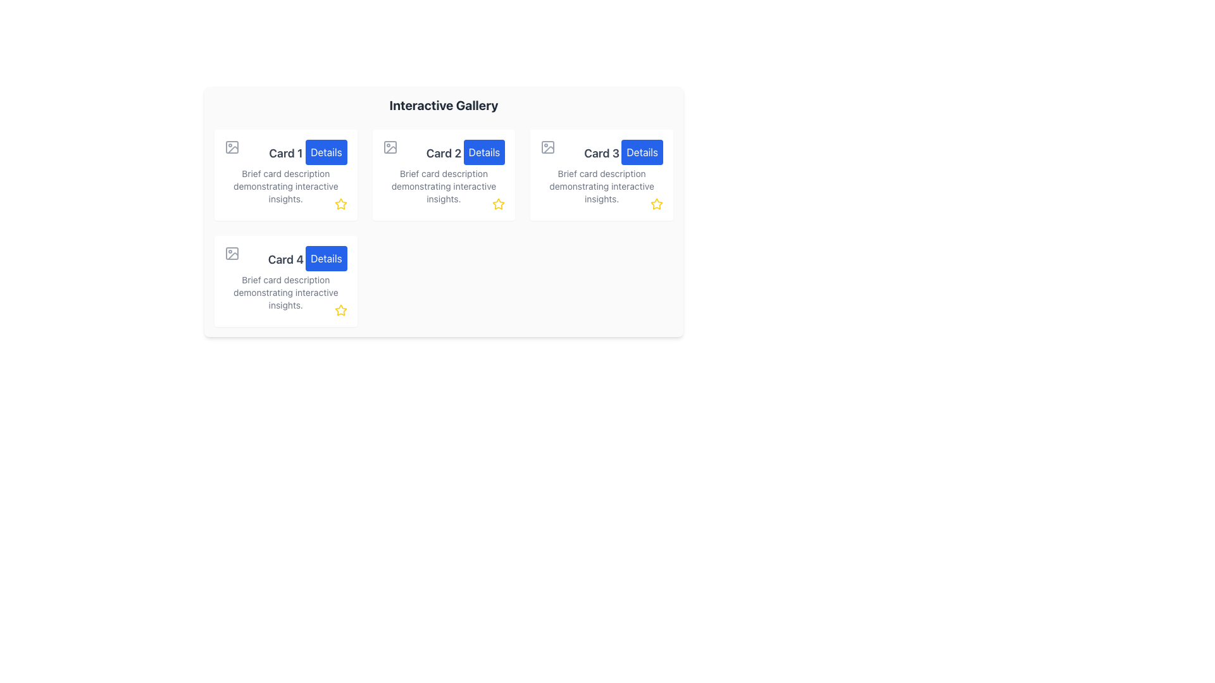 The image size is (1215, 683). I want to click on the yellow star icon located in the bottom-right corner of 'Card 1' to mark the card as favorite, so click(340, 204).